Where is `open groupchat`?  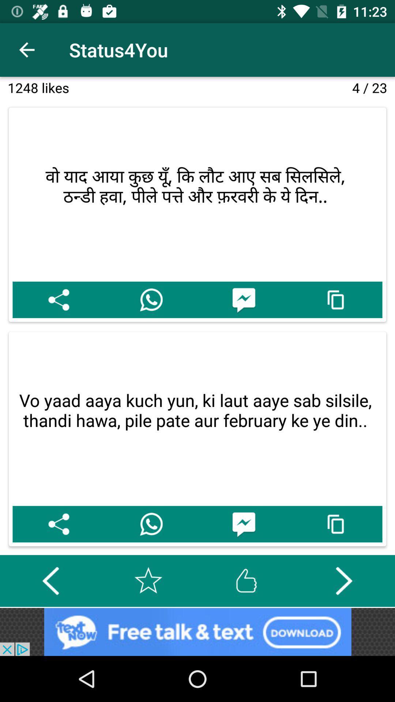
open groupchat is located at coordinates (244, 524).